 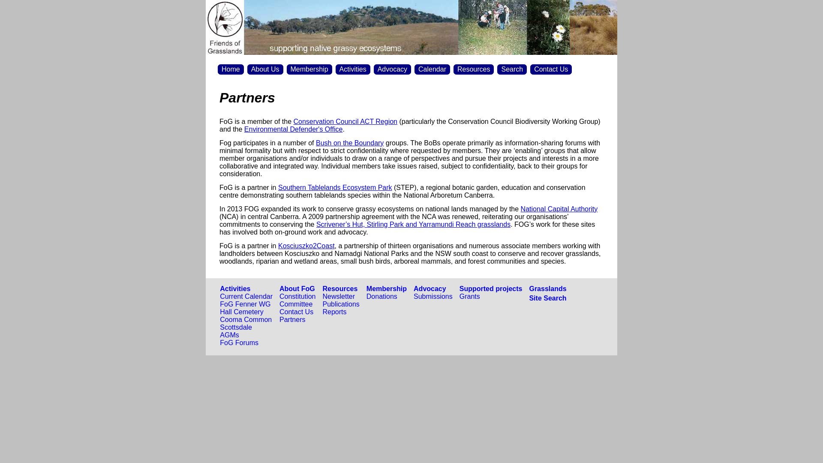 I want to click on 'Contact Us', so click(x=279, y=312).